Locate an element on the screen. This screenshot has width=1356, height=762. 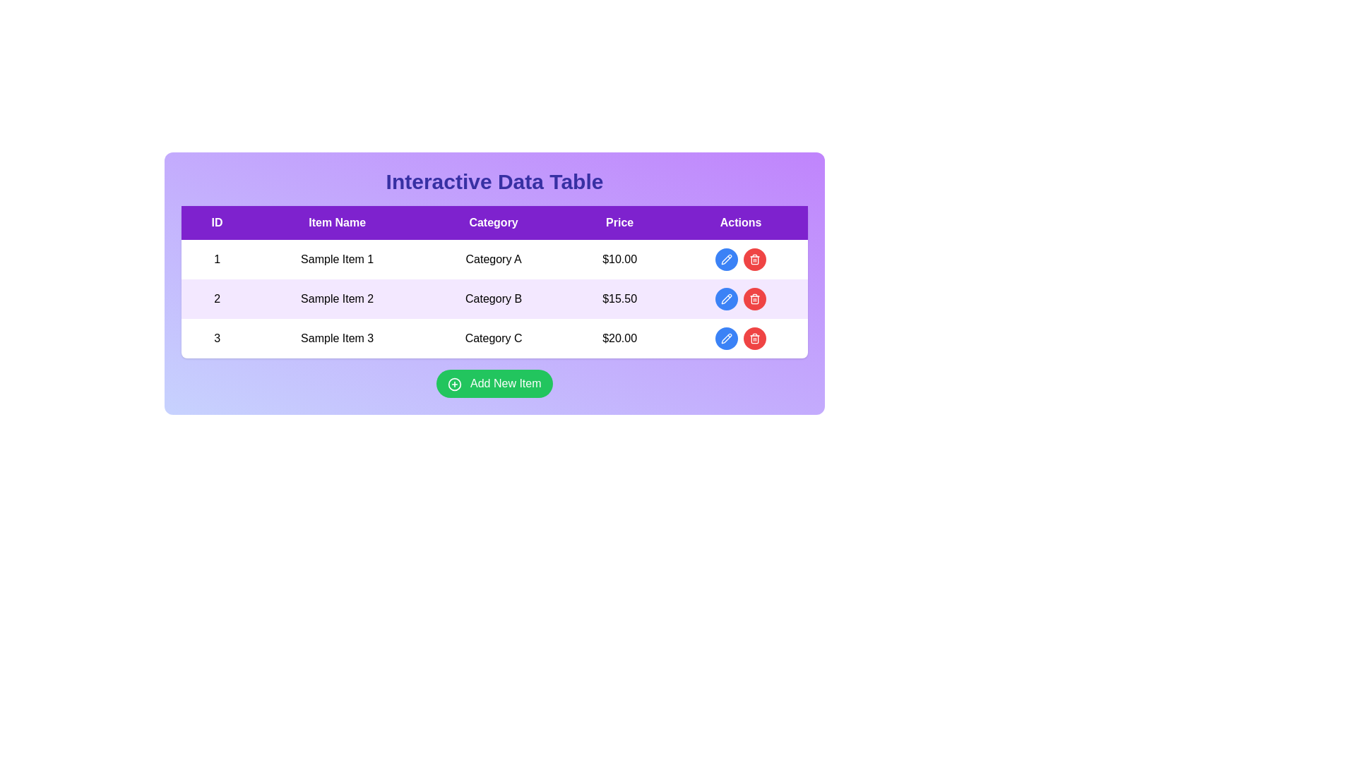
the 'Item Name' table header cell located in the second column of the header row, positioned between 'ID' and 'Category' is located at coordinates (336, 222).